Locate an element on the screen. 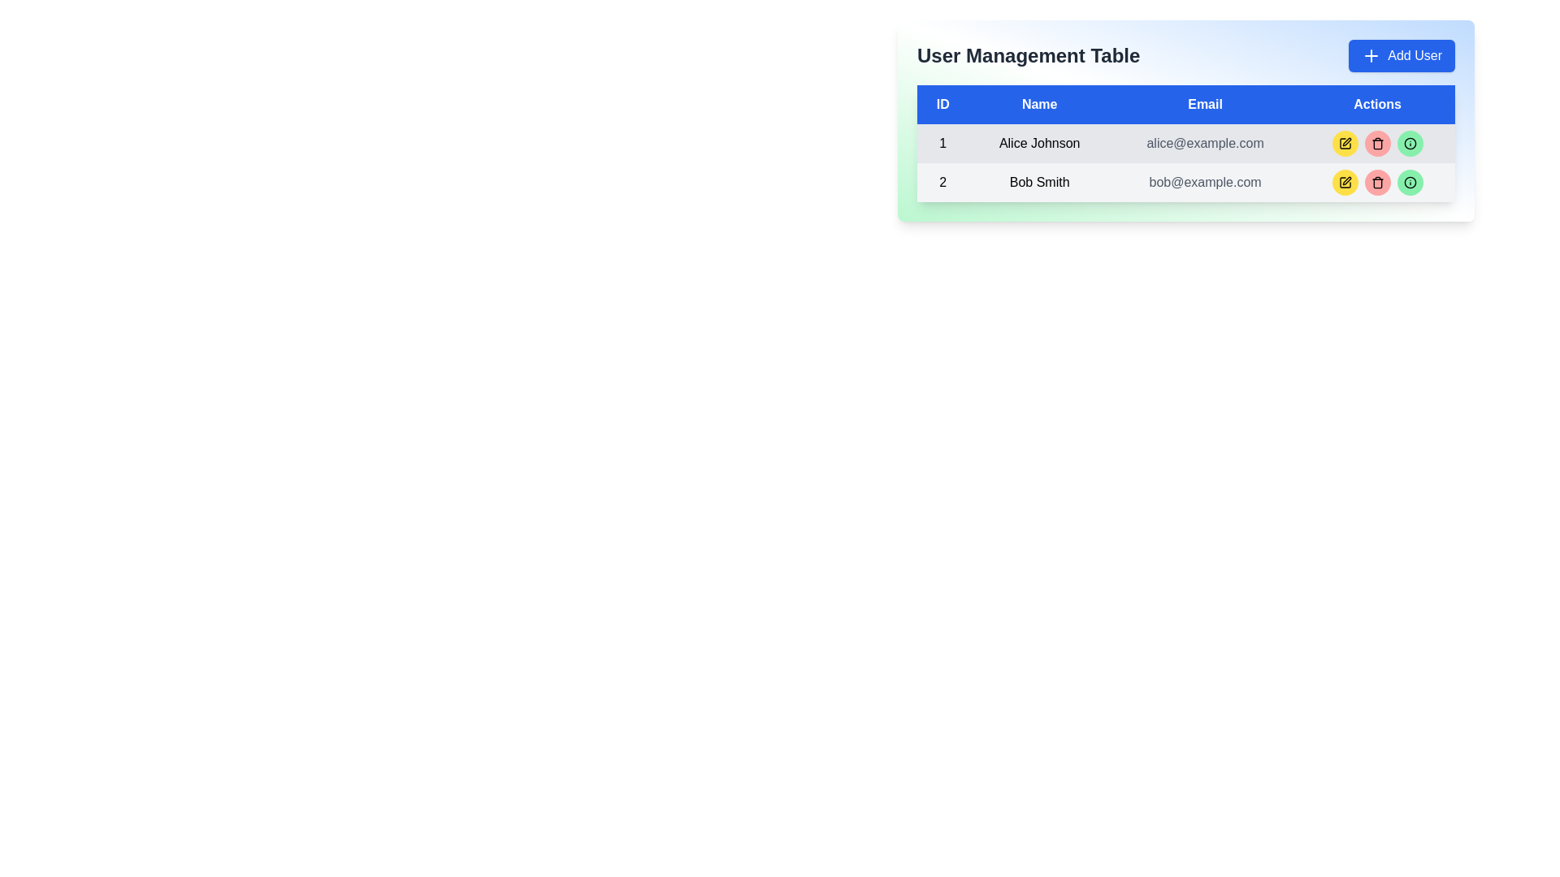  the circular green button with a white info icon located in the fourth position under the 'Actions' column is located at coordinates (1409, 143).